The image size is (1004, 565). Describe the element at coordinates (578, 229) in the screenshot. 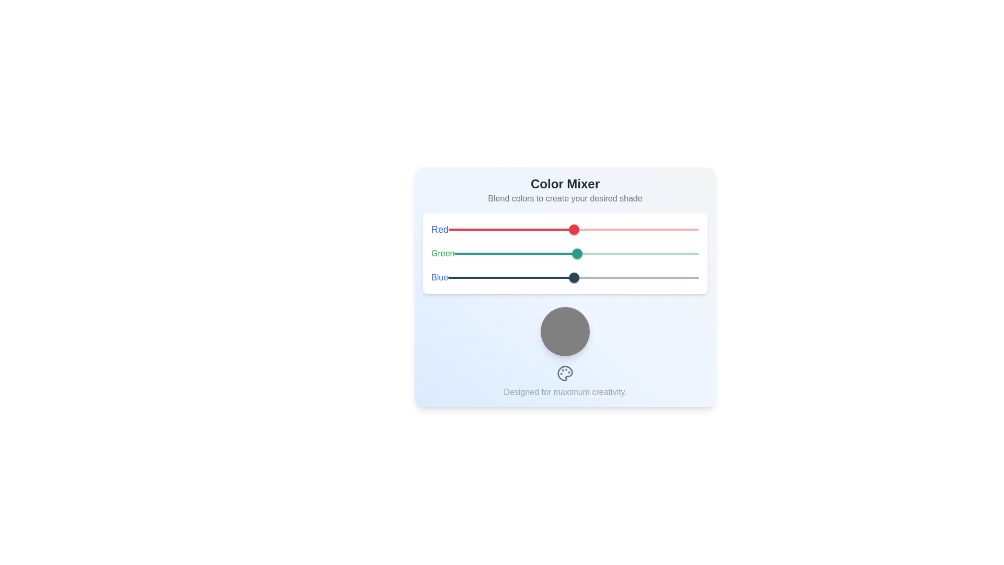

I see `the red component of the color` at that location.